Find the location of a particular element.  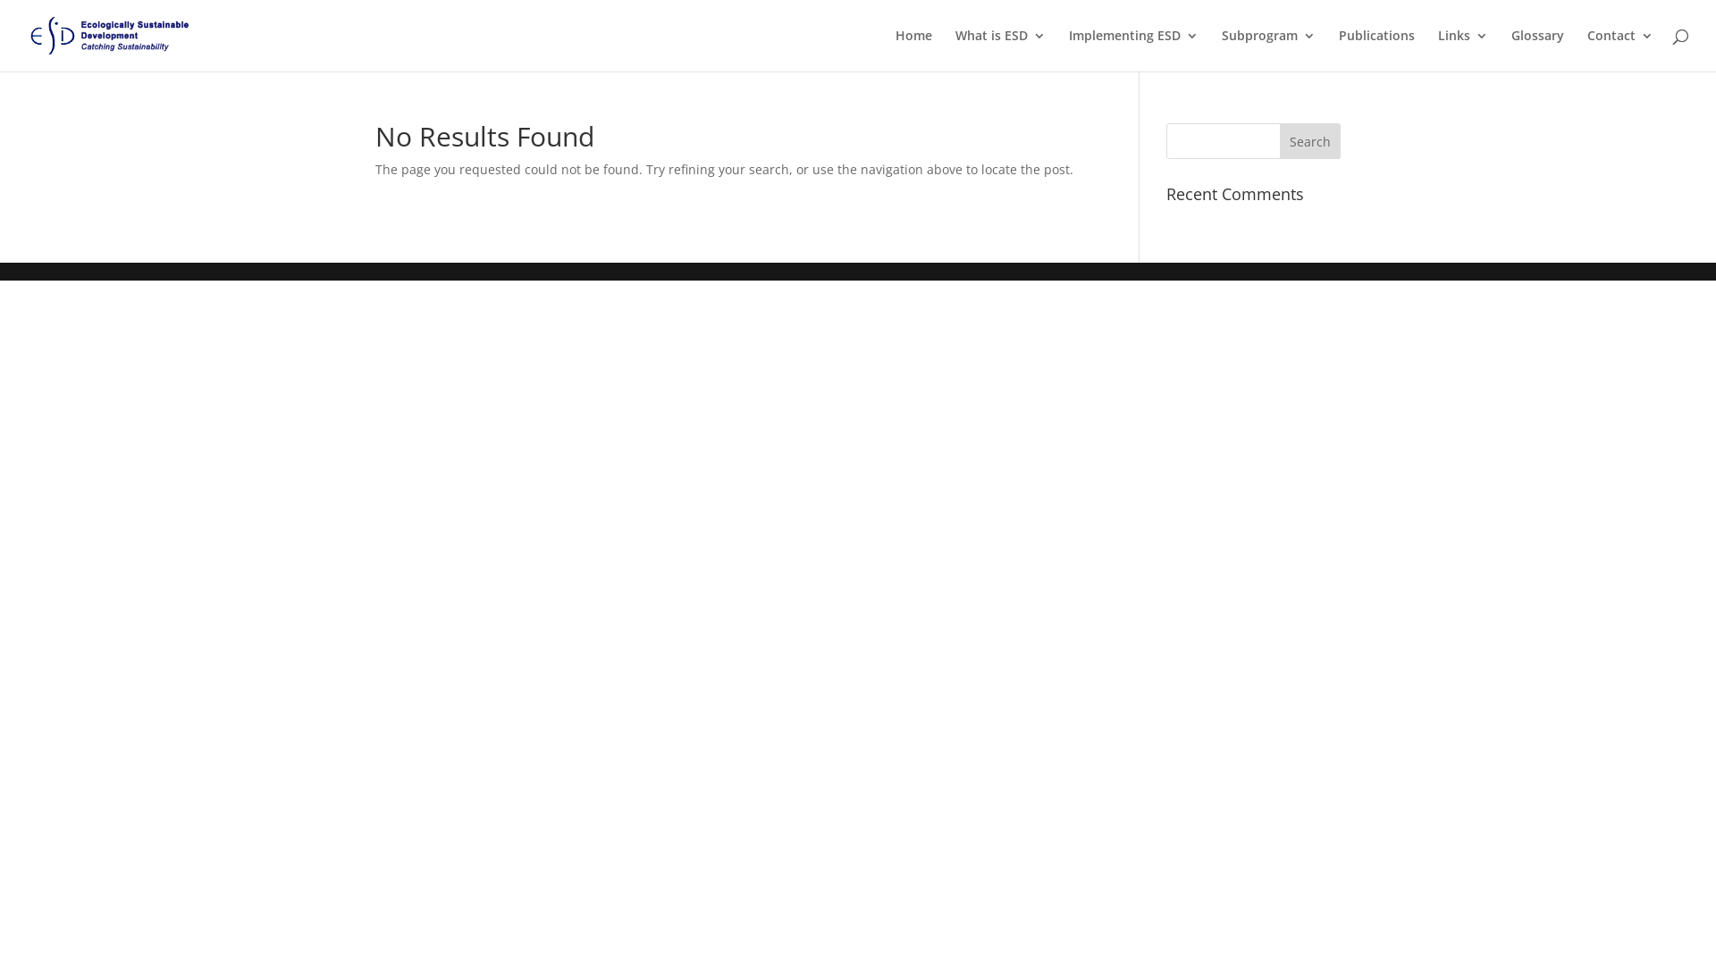

'What is ESD' is located at coordinates (999, 49).